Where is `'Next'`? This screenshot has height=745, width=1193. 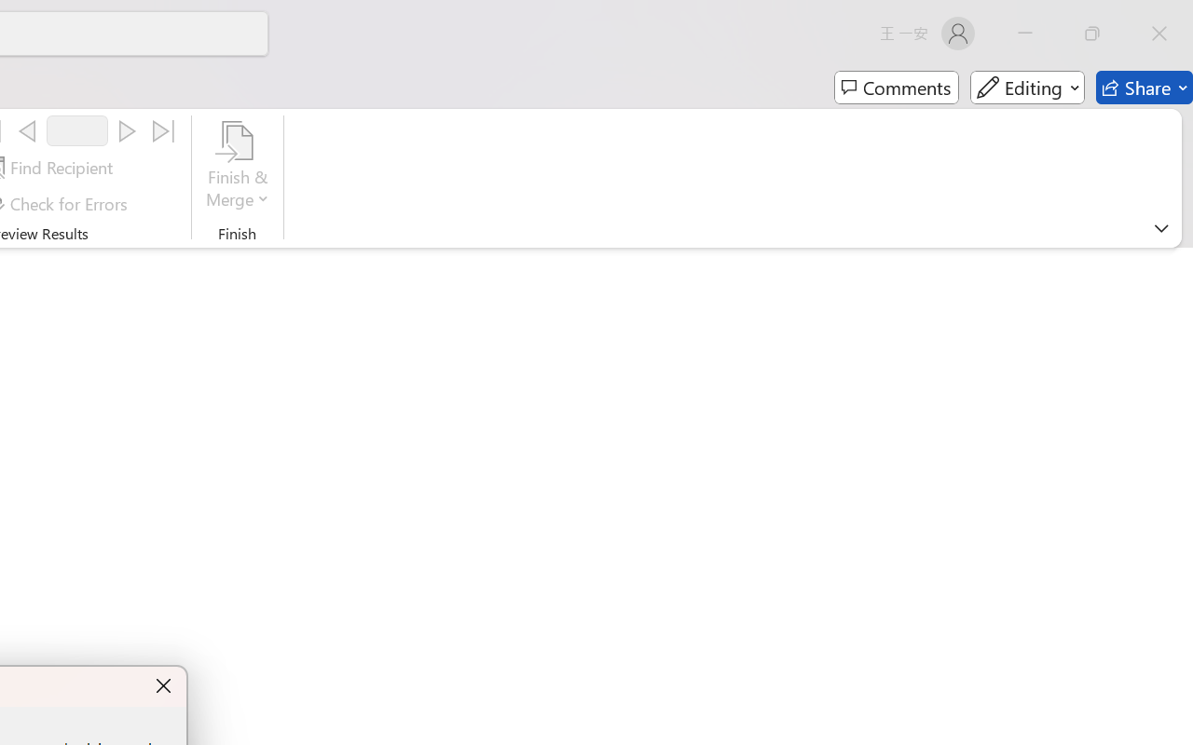
'Next' is located at coordinates (126, 131).